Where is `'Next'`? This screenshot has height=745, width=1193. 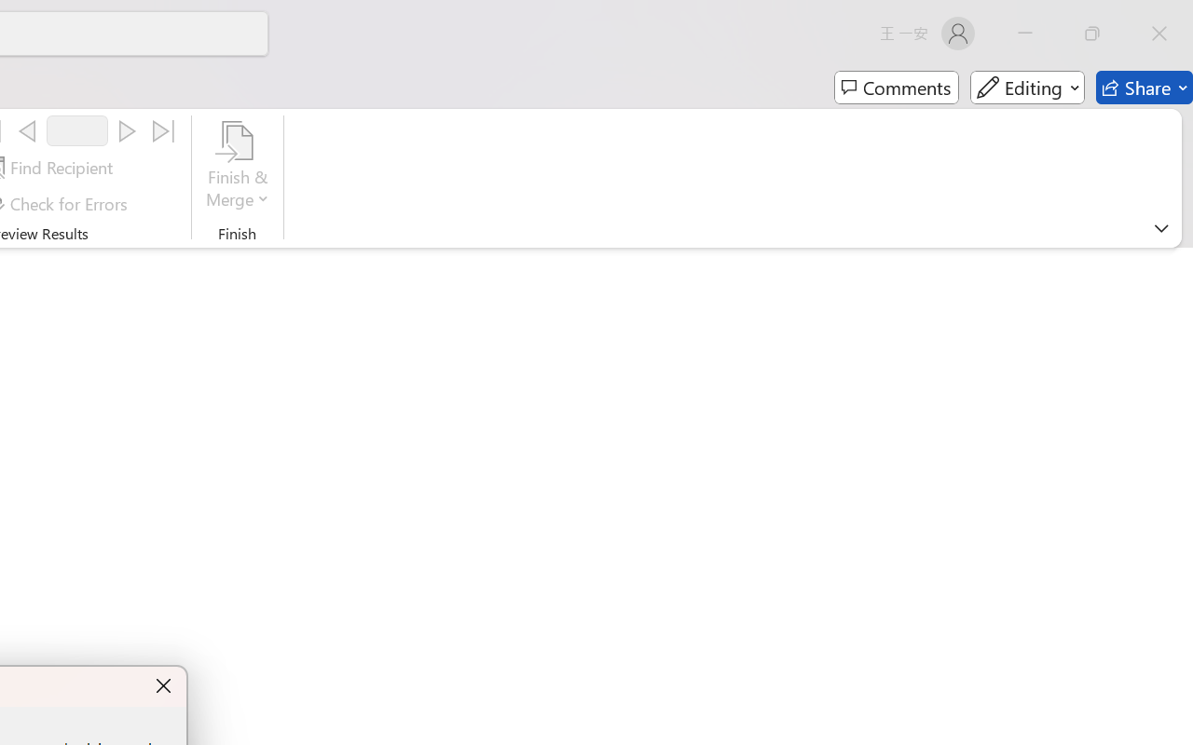
'Next' is located at coordinates (126, 131).